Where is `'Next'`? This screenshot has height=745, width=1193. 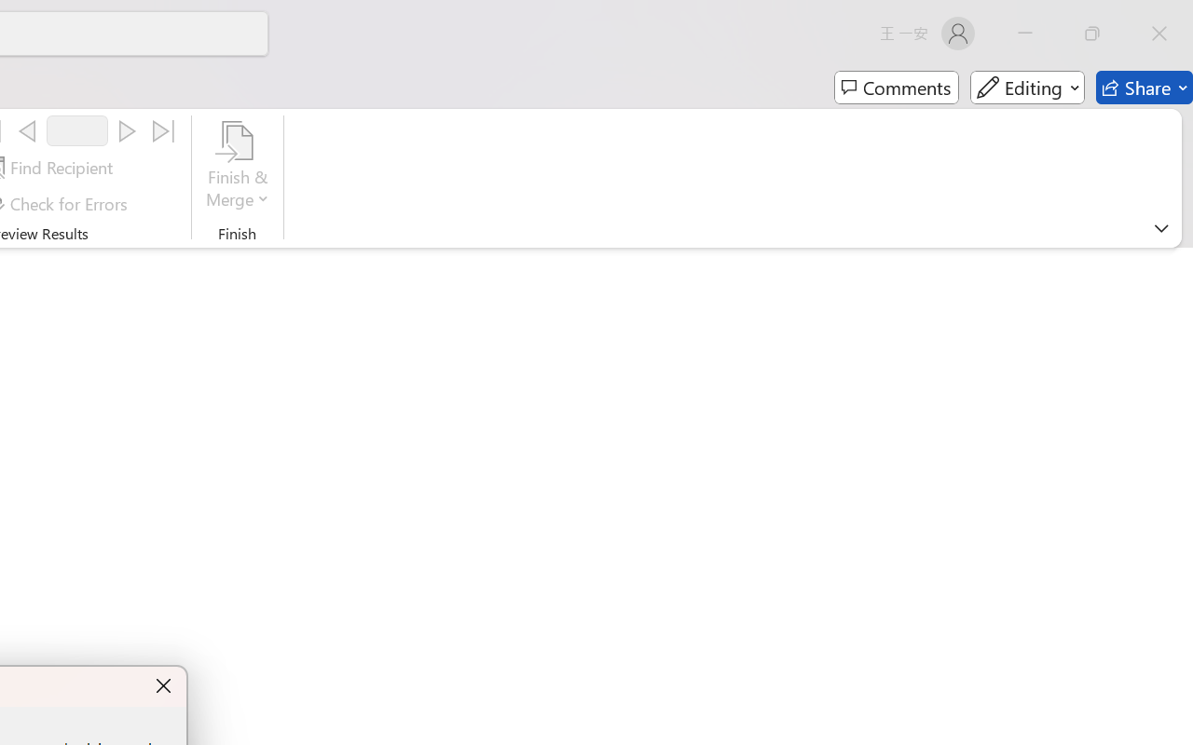
'Next' is located at coordinates (126, 131).